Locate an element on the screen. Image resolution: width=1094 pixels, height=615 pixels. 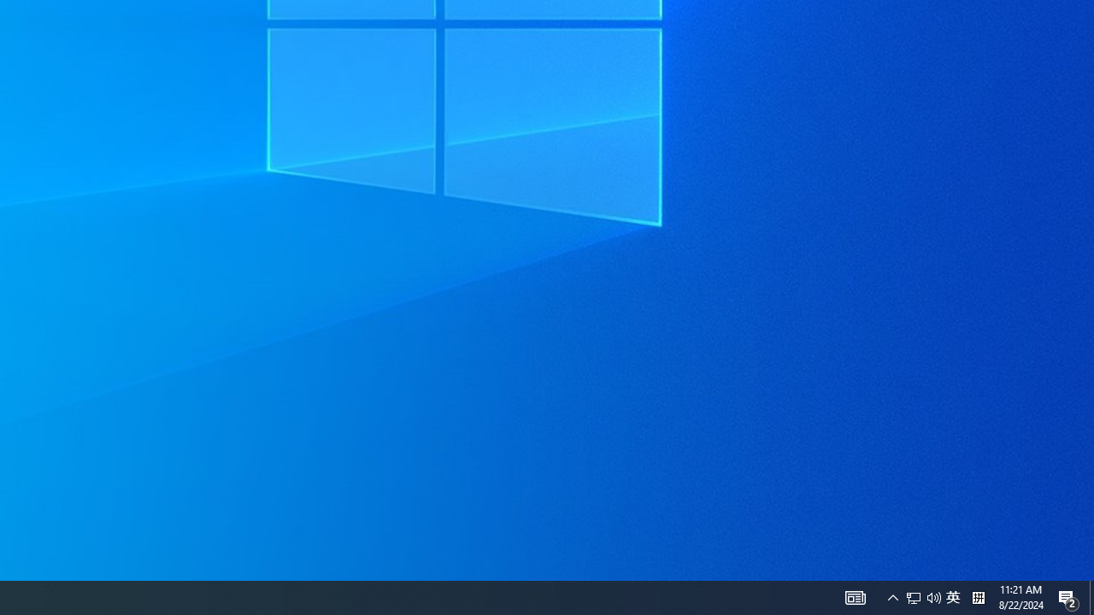
'Tray Input Indicator - Chinese (Simplified, China)' is located at coordinates (978, 596).